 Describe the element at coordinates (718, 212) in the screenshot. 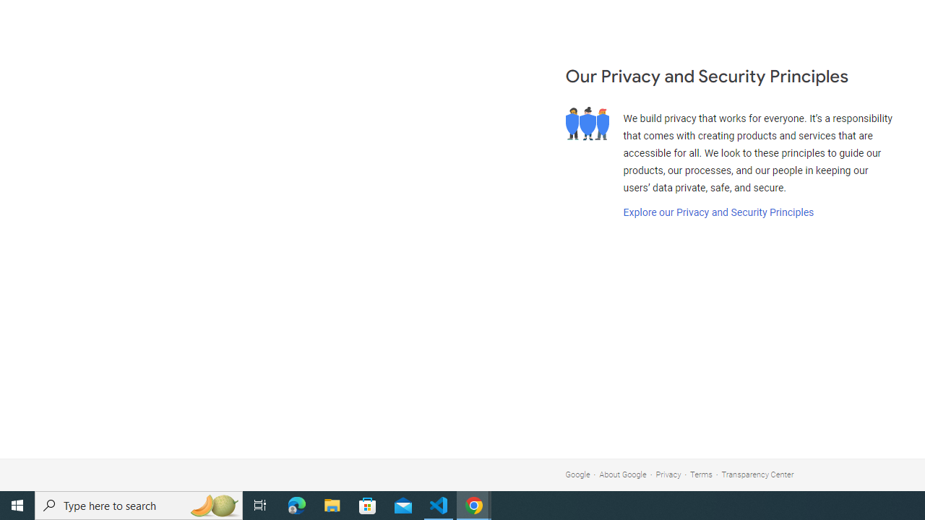

I see `'Explore our Privacy and Security Principles'` at that location.